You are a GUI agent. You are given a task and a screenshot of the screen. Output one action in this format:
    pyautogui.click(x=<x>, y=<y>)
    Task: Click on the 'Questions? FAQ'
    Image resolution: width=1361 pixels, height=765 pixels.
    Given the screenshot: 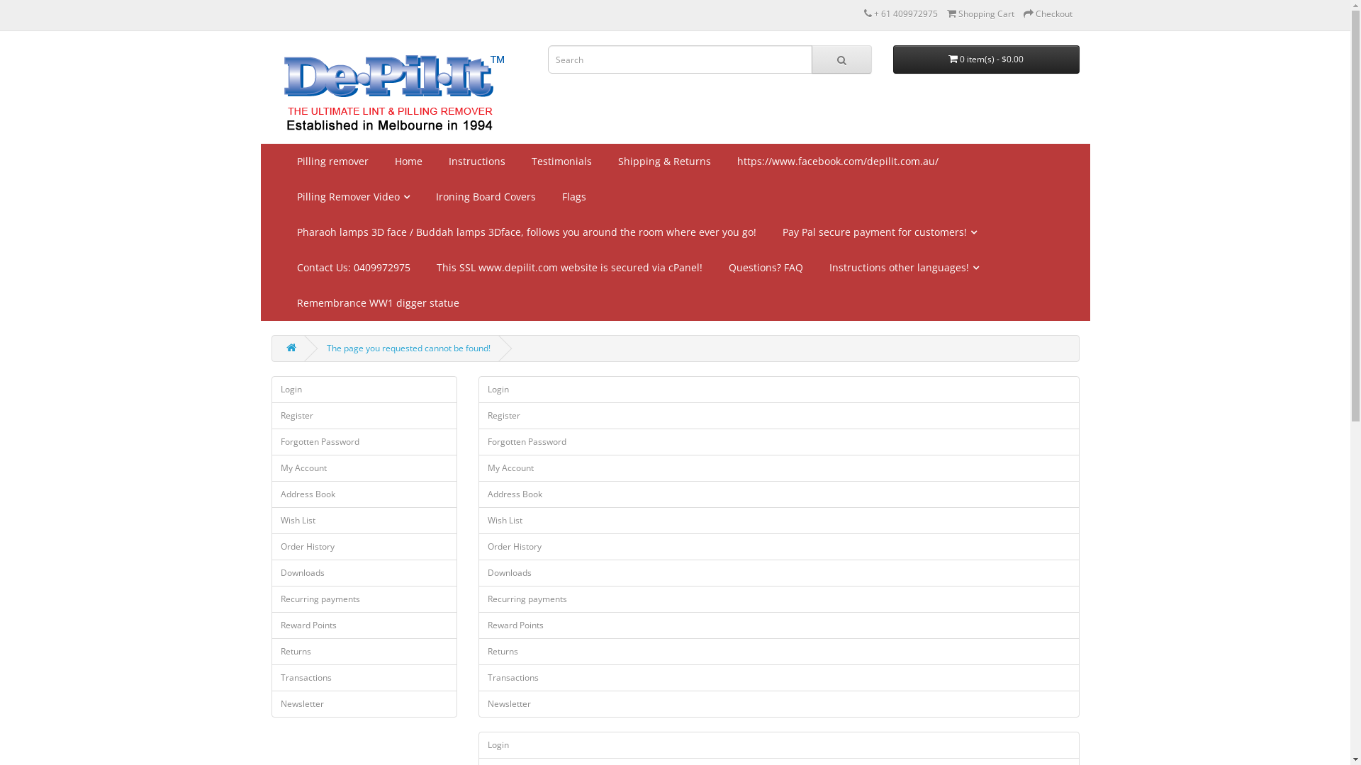 What is the action you would take?
    pyautogui.click(x=762, y=268)
    